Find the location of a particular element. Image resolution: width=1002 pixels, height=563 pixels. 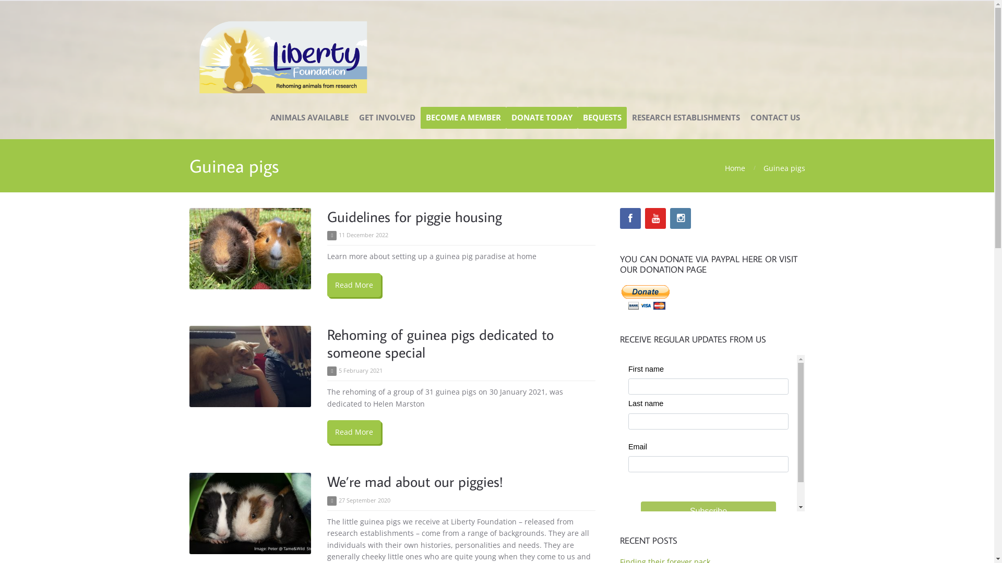

'Read More' is located at coordinates (354, 432).